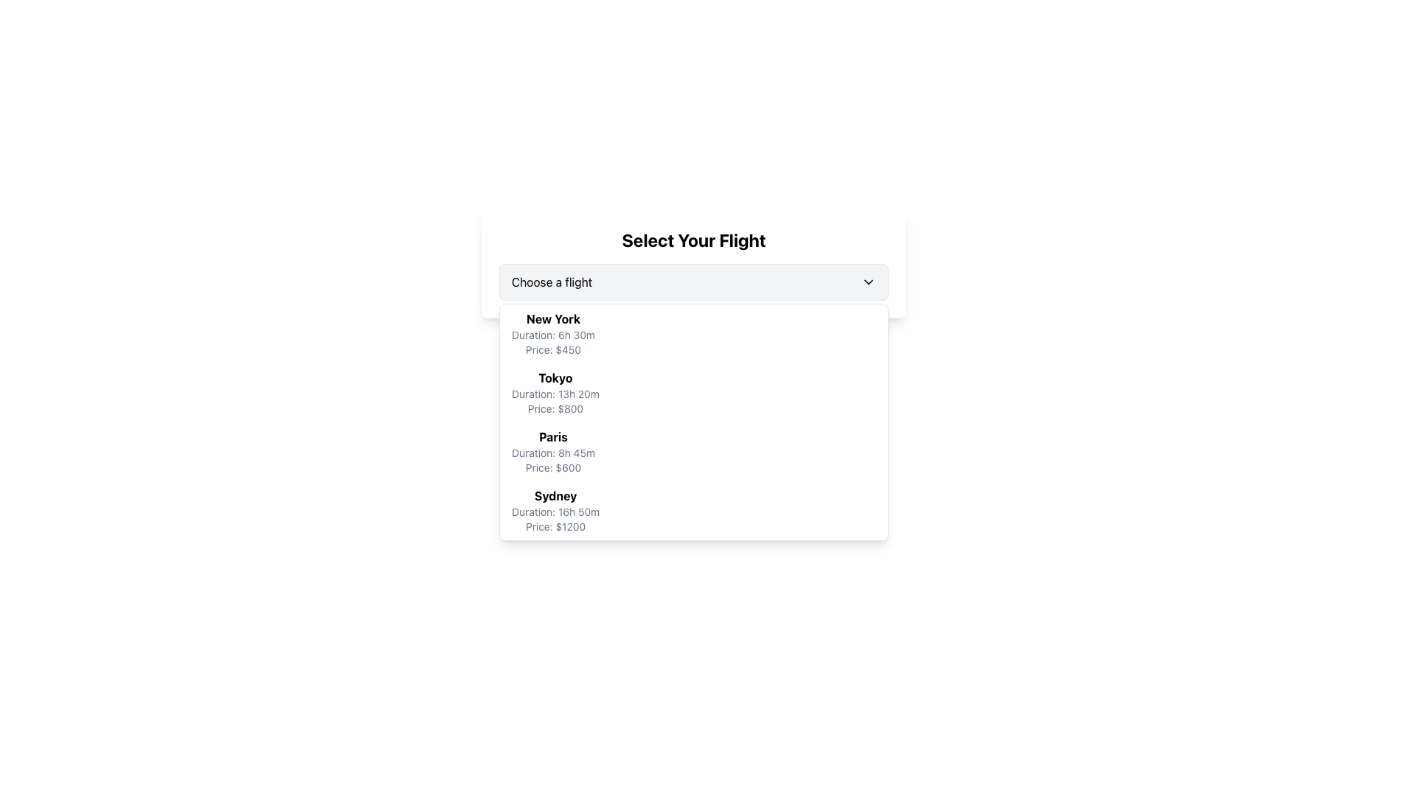  I want to click on the last dropdown item labeled 'Sydney', so click(693, 510).